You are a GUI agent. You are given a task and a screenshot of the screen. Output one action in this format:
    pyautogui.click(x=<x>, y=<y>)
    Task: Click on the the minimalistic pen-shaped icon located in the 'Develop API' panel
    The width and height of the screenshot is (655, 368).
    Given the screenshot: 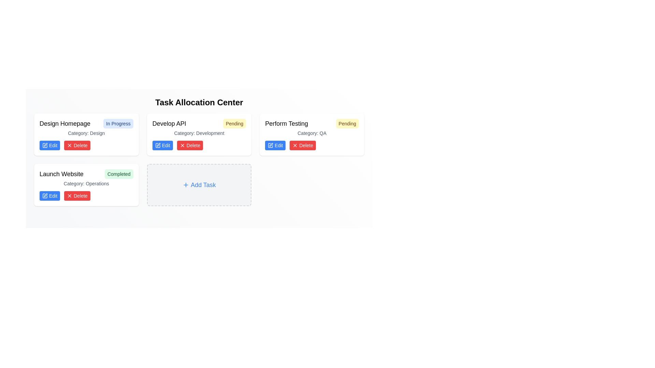 What is the action you would take?
    pyautogui.click(x=158, y=144)
    